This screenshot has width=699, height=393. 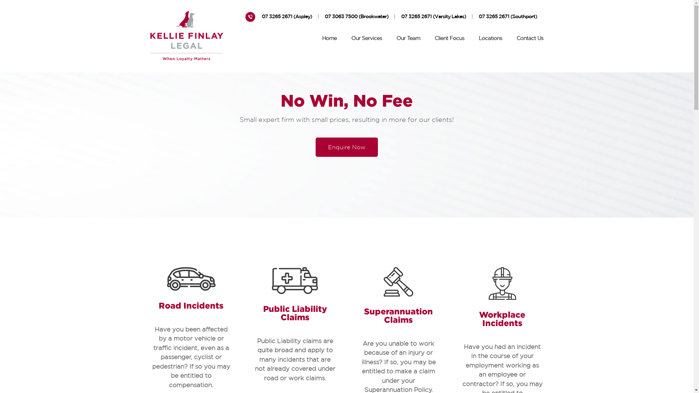 I want to click on '07 3265 2671 (Southport)', so click(x=508, y=17).